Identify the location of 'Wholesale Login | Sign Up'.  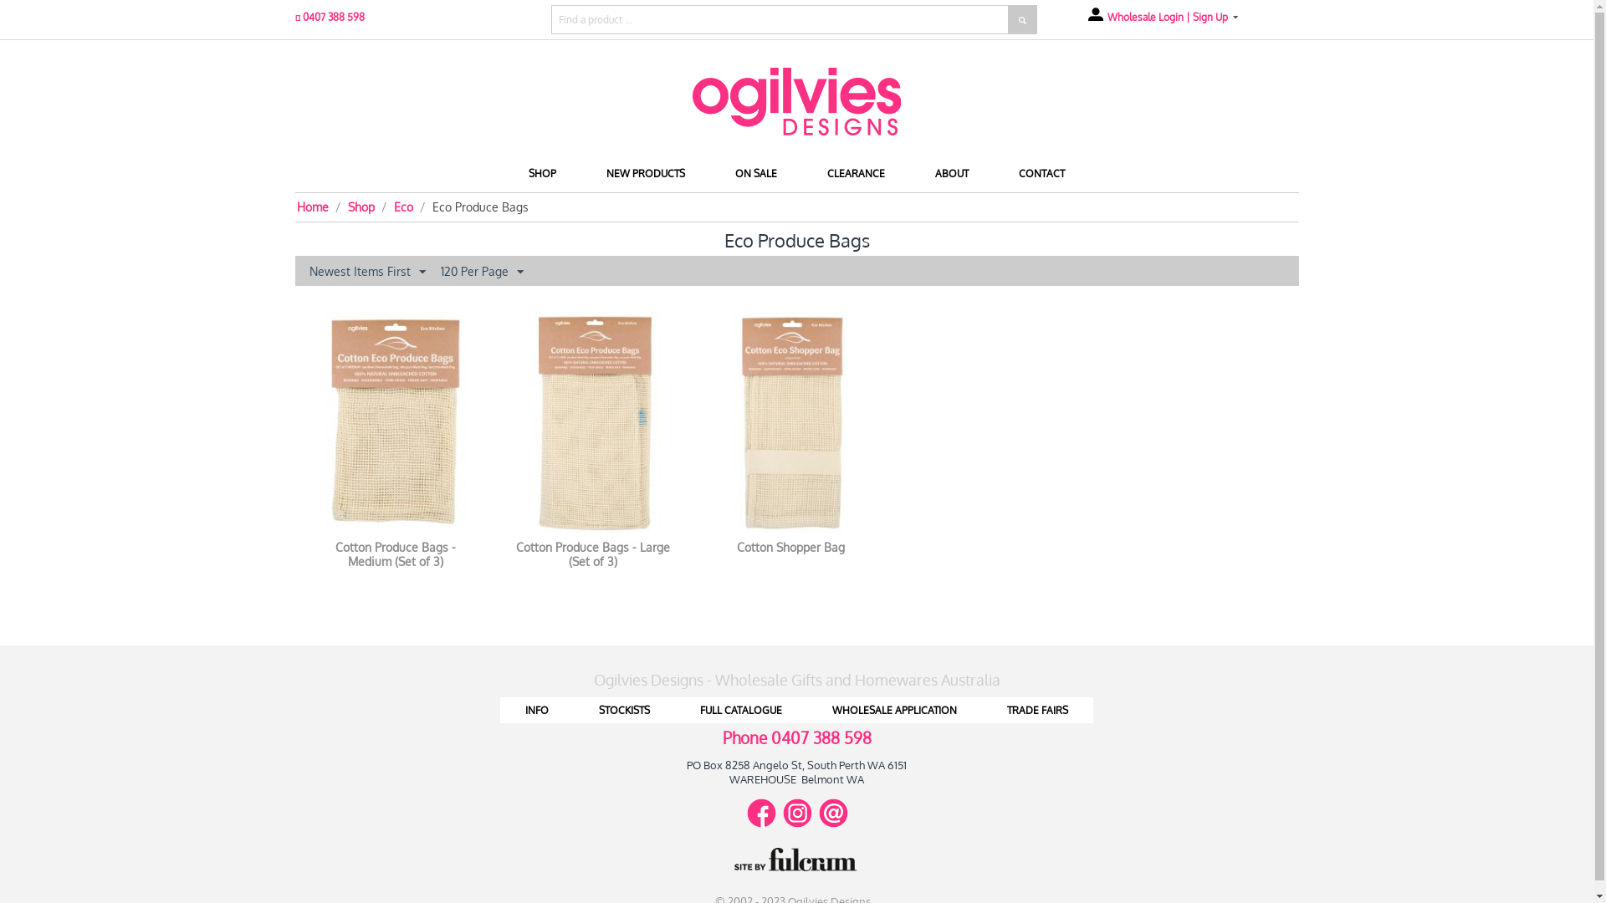
(1160, 17).